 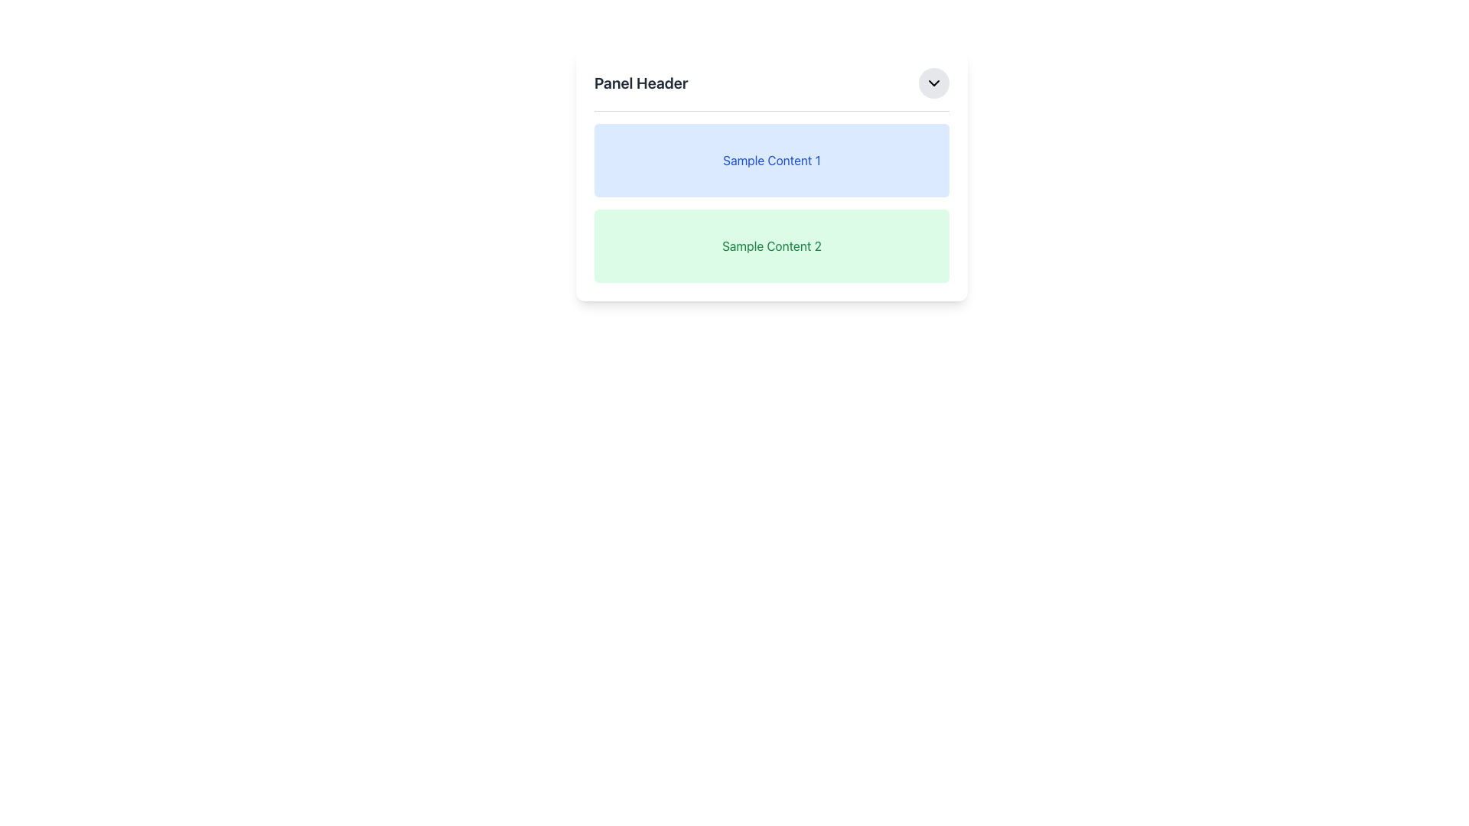 I want to click on the header text element located at the top left of the panel, which is adjacent to a circular button with an icon, so click(x=641, y=83).